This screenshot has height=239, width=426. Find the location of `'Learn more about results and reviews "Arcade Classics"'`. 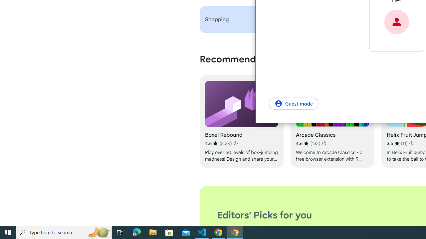

'Learn more about results and reviews "Arcade Classics"' is located at coordinates (323, 143).